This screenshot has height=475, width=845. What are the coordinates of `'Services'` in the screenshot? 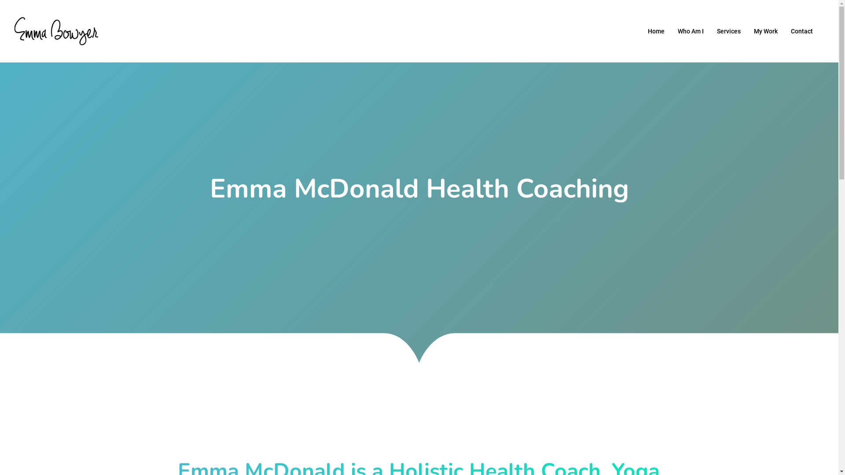 It's located at (729, 30).